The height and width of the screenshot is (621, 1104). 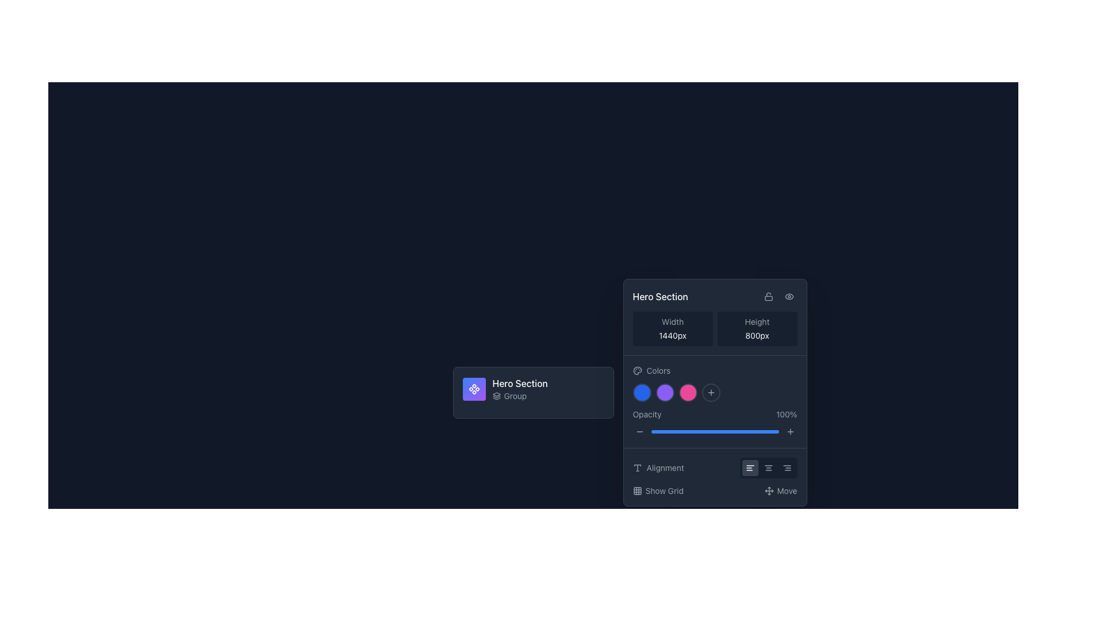 What do you see at coordinates (639, 432) in the screenshot?
I see `the first button with rounded corners styled in a dark theme that features a central horizontal line icon representing a 'minus'` at bounding box center [639, 432].